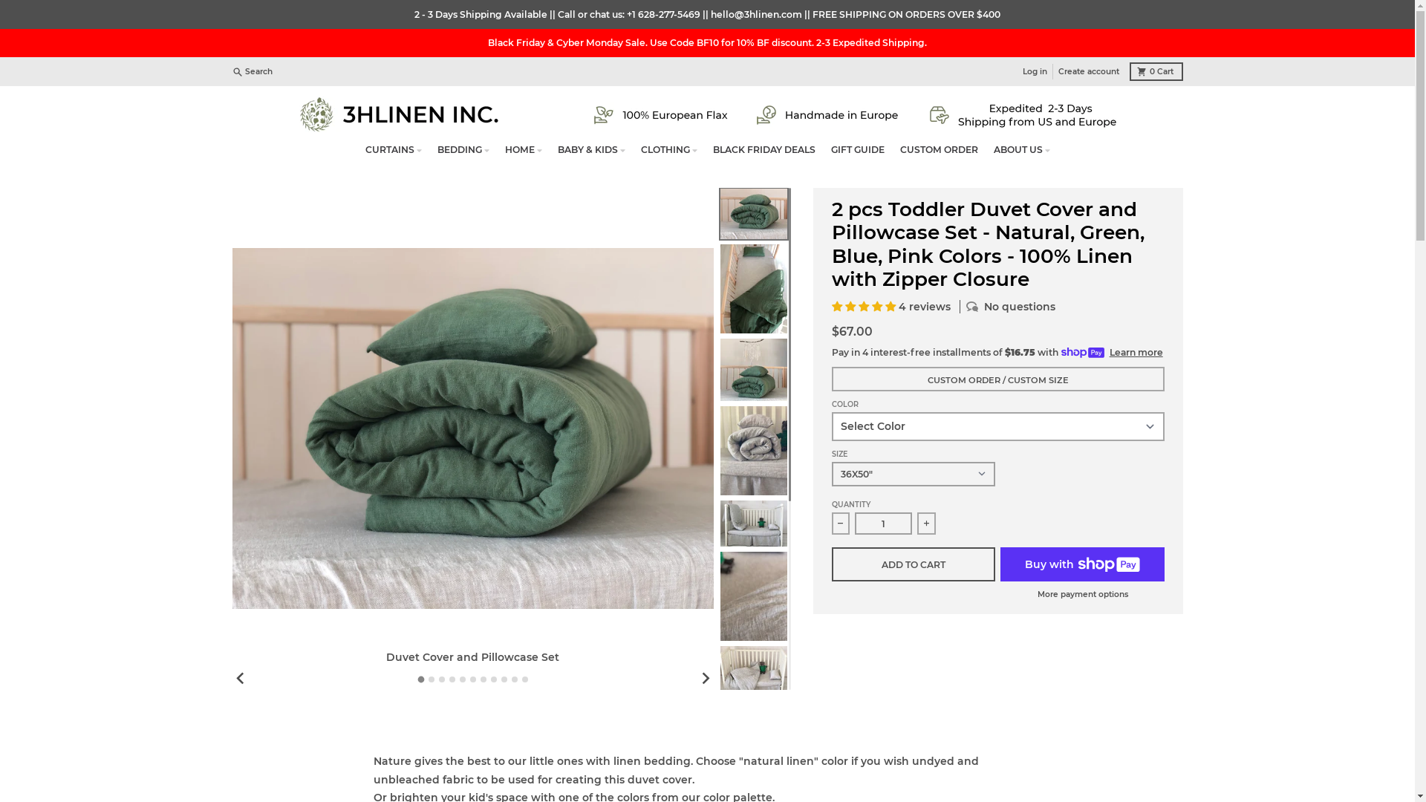  I want to click on 'Log in', so click(1034, 71).